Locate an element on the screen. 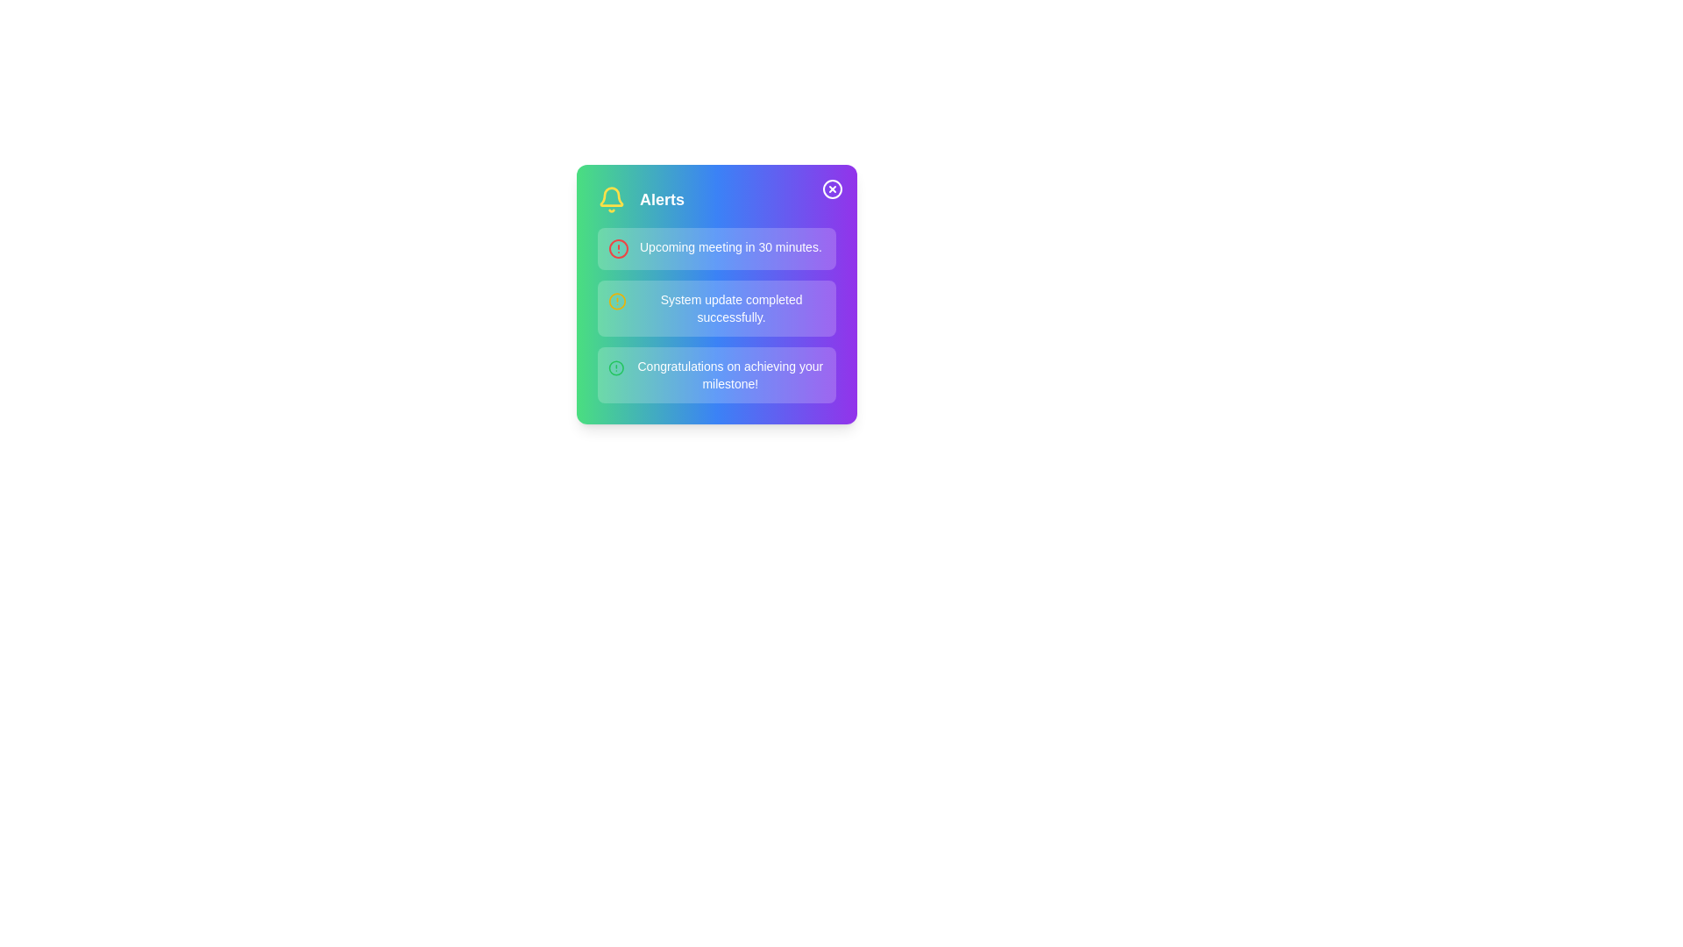 Image resolution: width=1683 pixels, height=947 pixels. text element that displays 'Congratulations on achieving your milestone!' in the alert message box, located on the third line of text is located at coordinates (730, 374).